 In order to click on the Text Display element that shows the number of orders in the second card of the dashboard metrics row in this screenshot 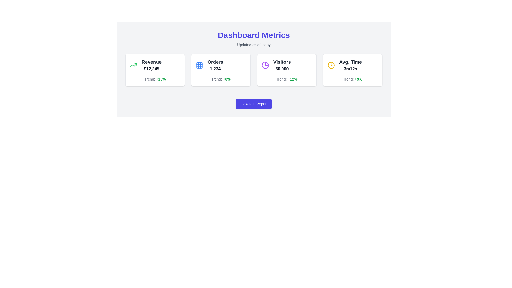, I will do `click(215, 65)`.